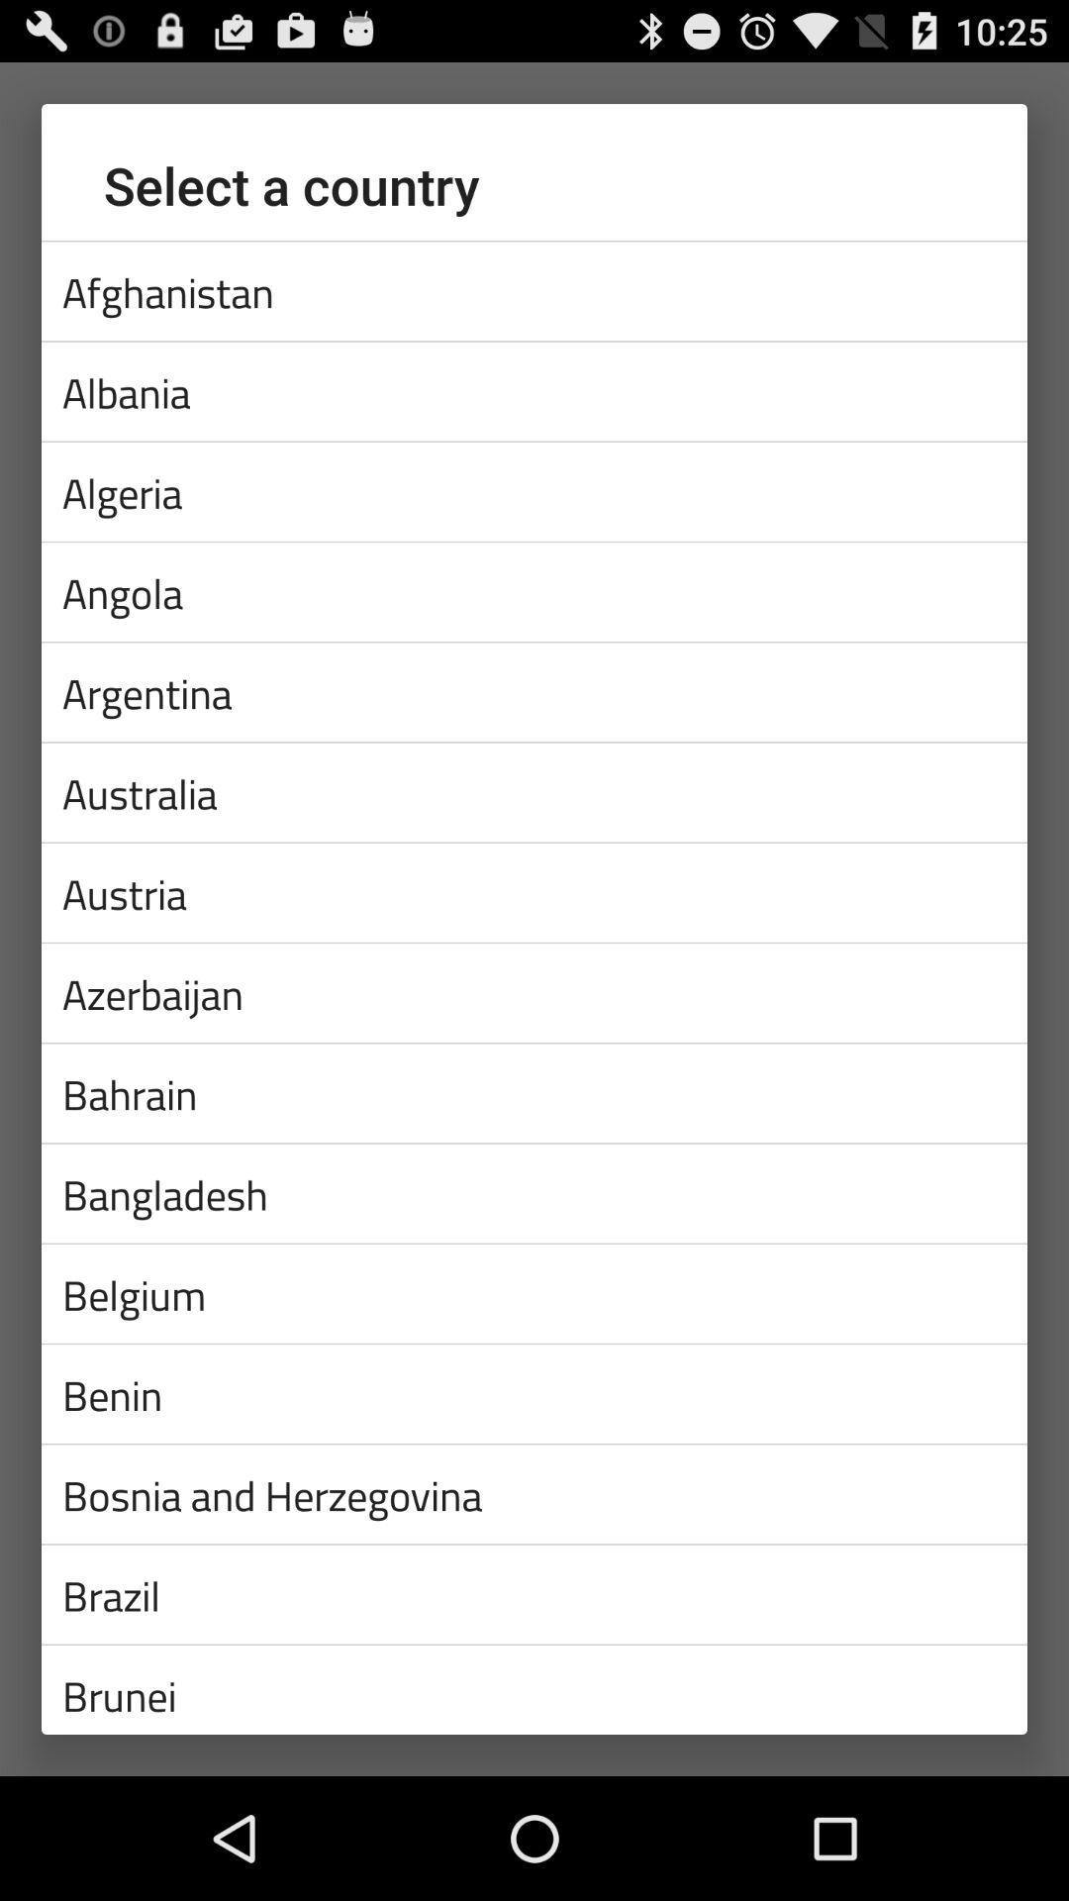 This screenshot has width=1069, height=1901. Describe the element at coordinates (534, 1594) in the screenshot. I see `brazil` at that location.